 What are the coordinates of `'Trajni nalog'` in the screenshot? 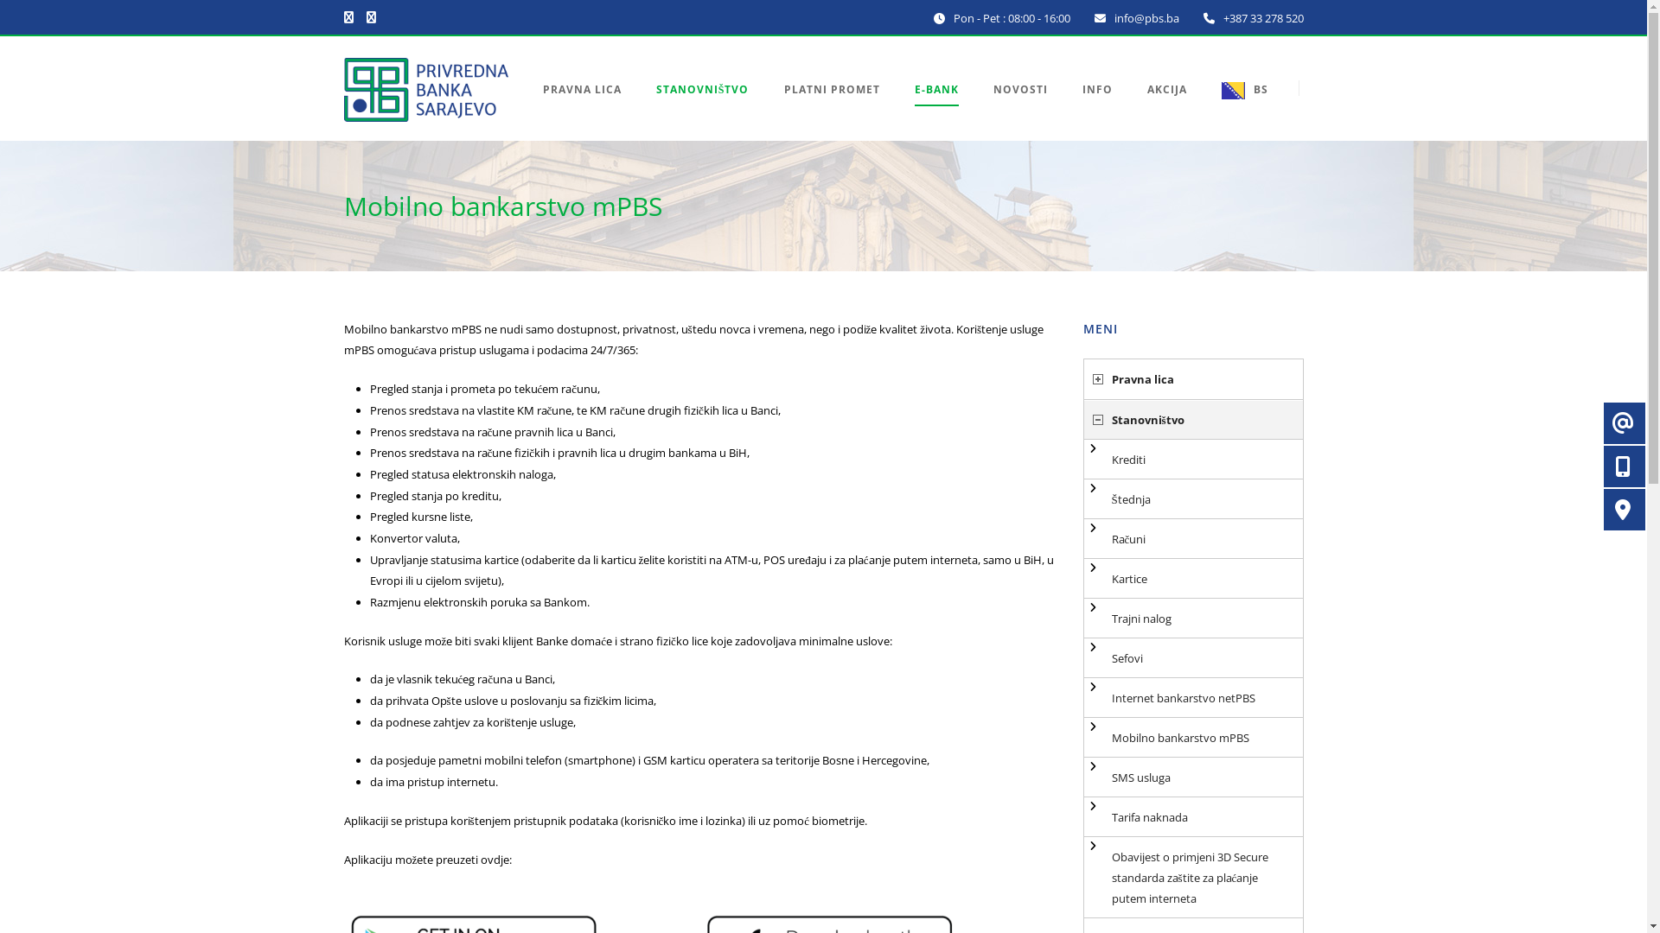 It's located at (1192, 618).